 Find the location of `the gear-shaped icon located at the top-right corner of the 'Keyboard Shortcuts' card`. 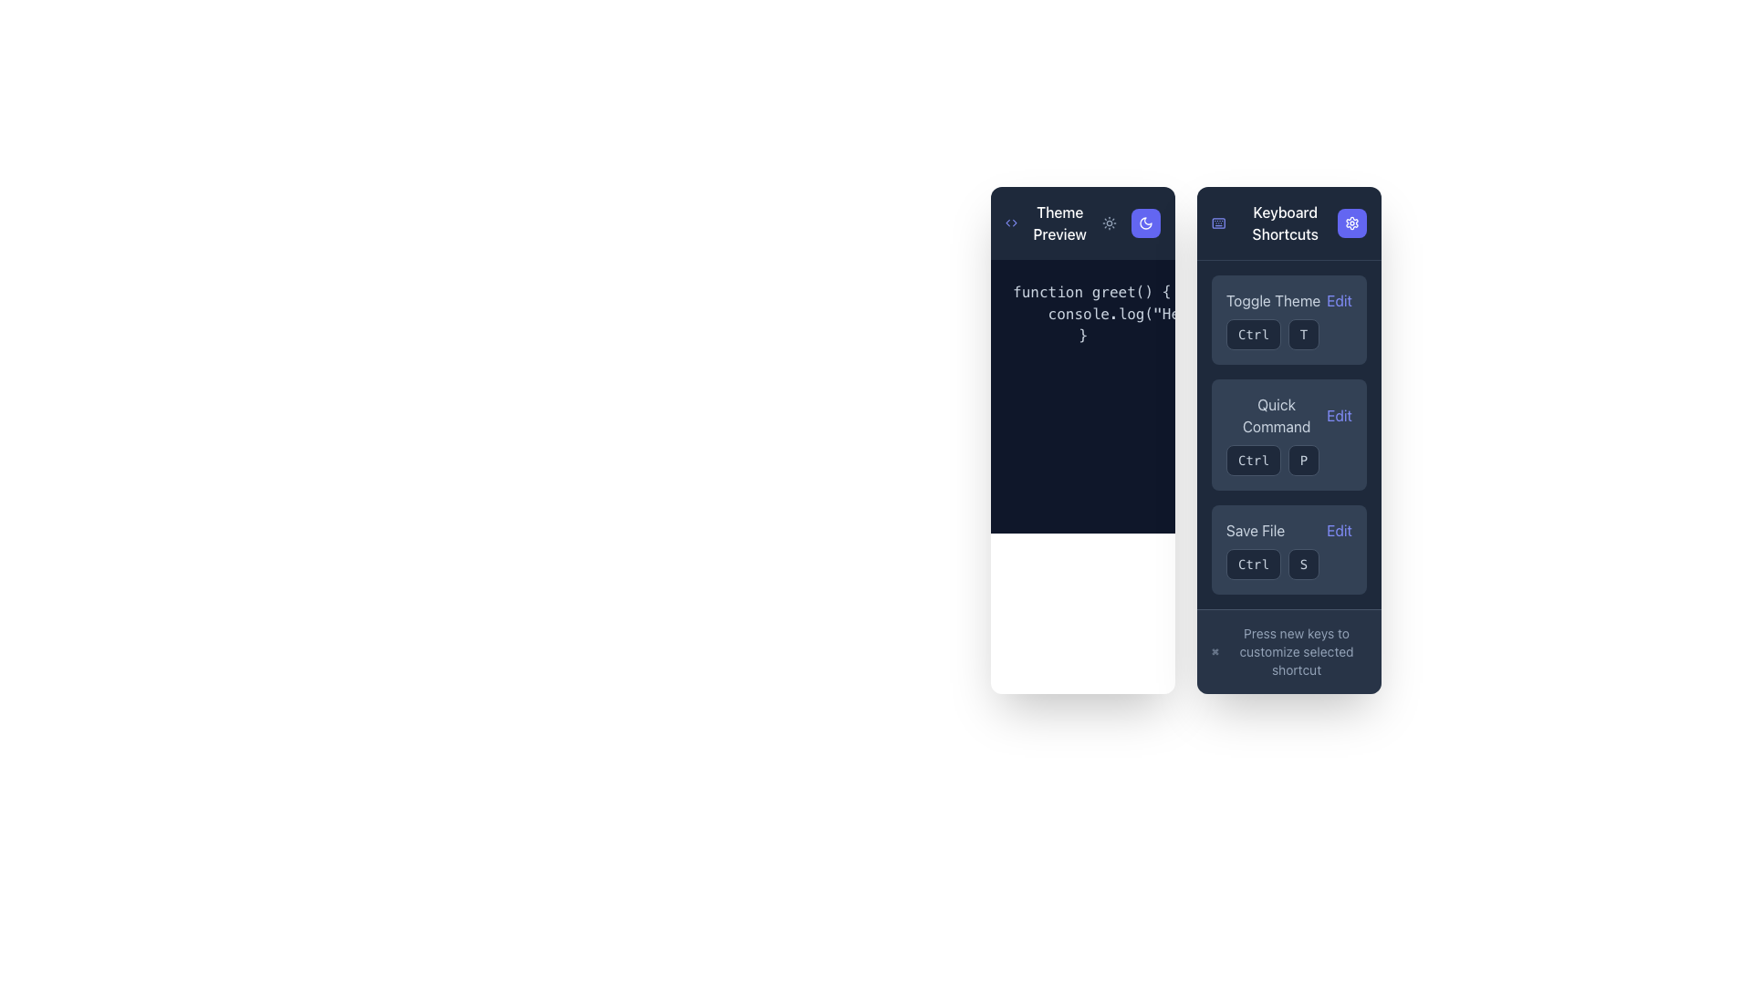

the gear-shaped icon located at the top-right corner of the 'Keyboard Shortcuts' card is located at coordinates (1352, 223).